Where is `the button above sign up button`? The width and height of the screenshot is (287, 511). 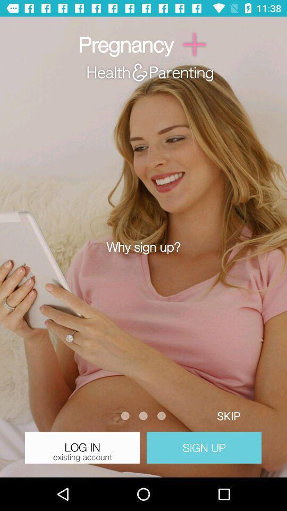 the button above sign up button is located at coordinates (228, 416).